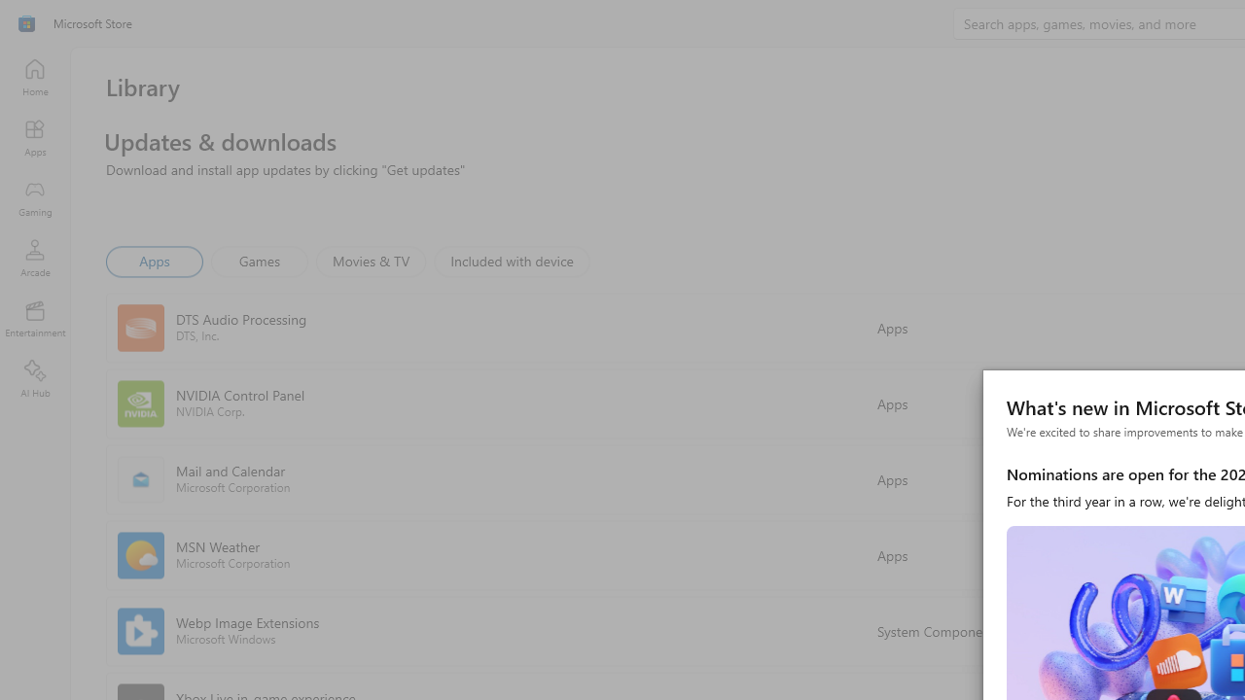  Describe the element at coordinates (34, 197) in the screenshot. I see `'Gaming'` at that location.